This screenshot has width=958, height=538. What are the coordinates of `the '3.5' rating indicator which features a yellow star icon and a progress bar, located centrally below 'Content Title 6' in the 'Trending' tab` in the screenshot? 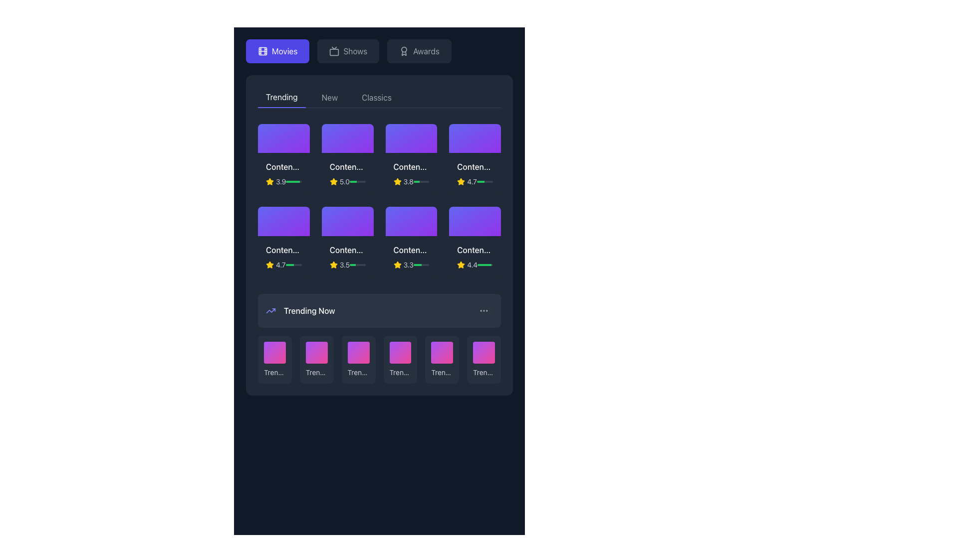 It's located at (347, 264).